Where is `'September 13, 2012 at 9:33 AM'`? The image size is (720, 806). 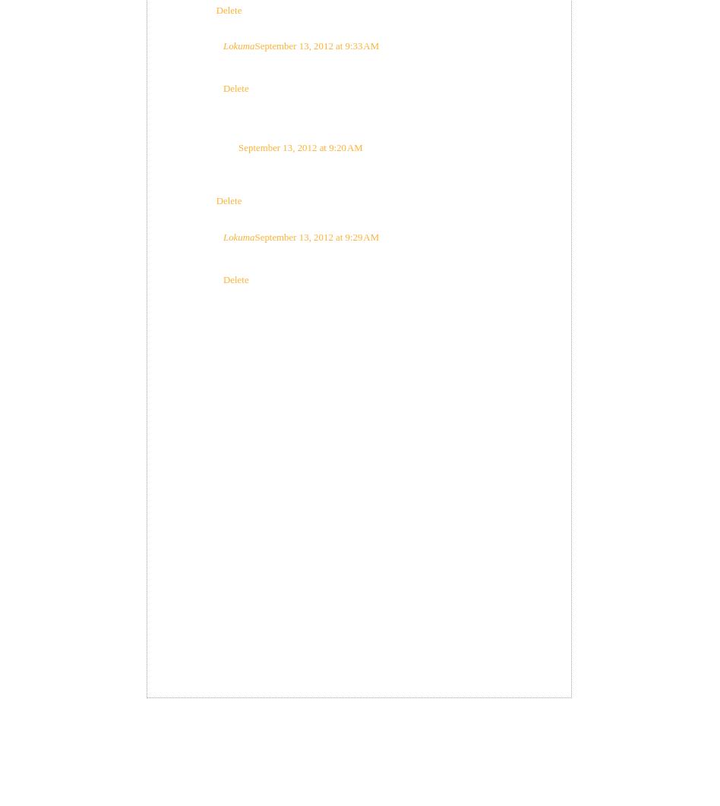
'September 13, 2012 at 9:33 AM' is located at coordinates (316, 46).